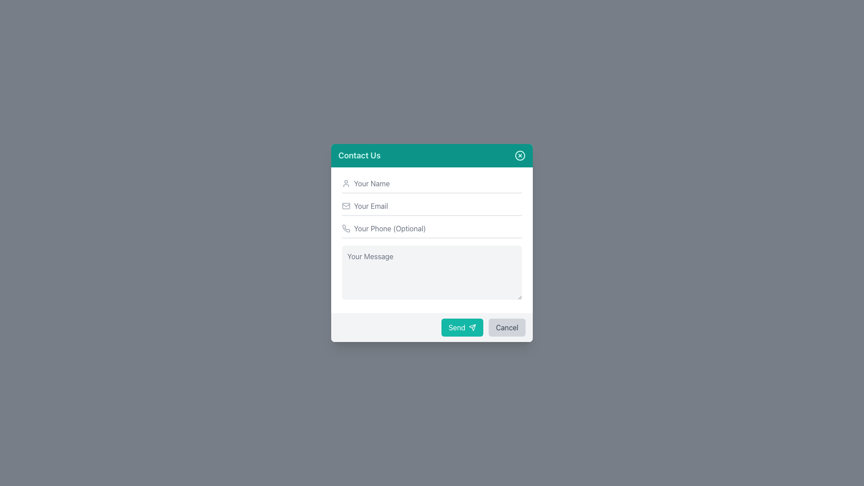 The image size is (864, 486). I want to click on the telephone handset icon located to the left of the 'Your Phone (Optional)' text input field in the 'Contact Us' form, so click(346, 228).